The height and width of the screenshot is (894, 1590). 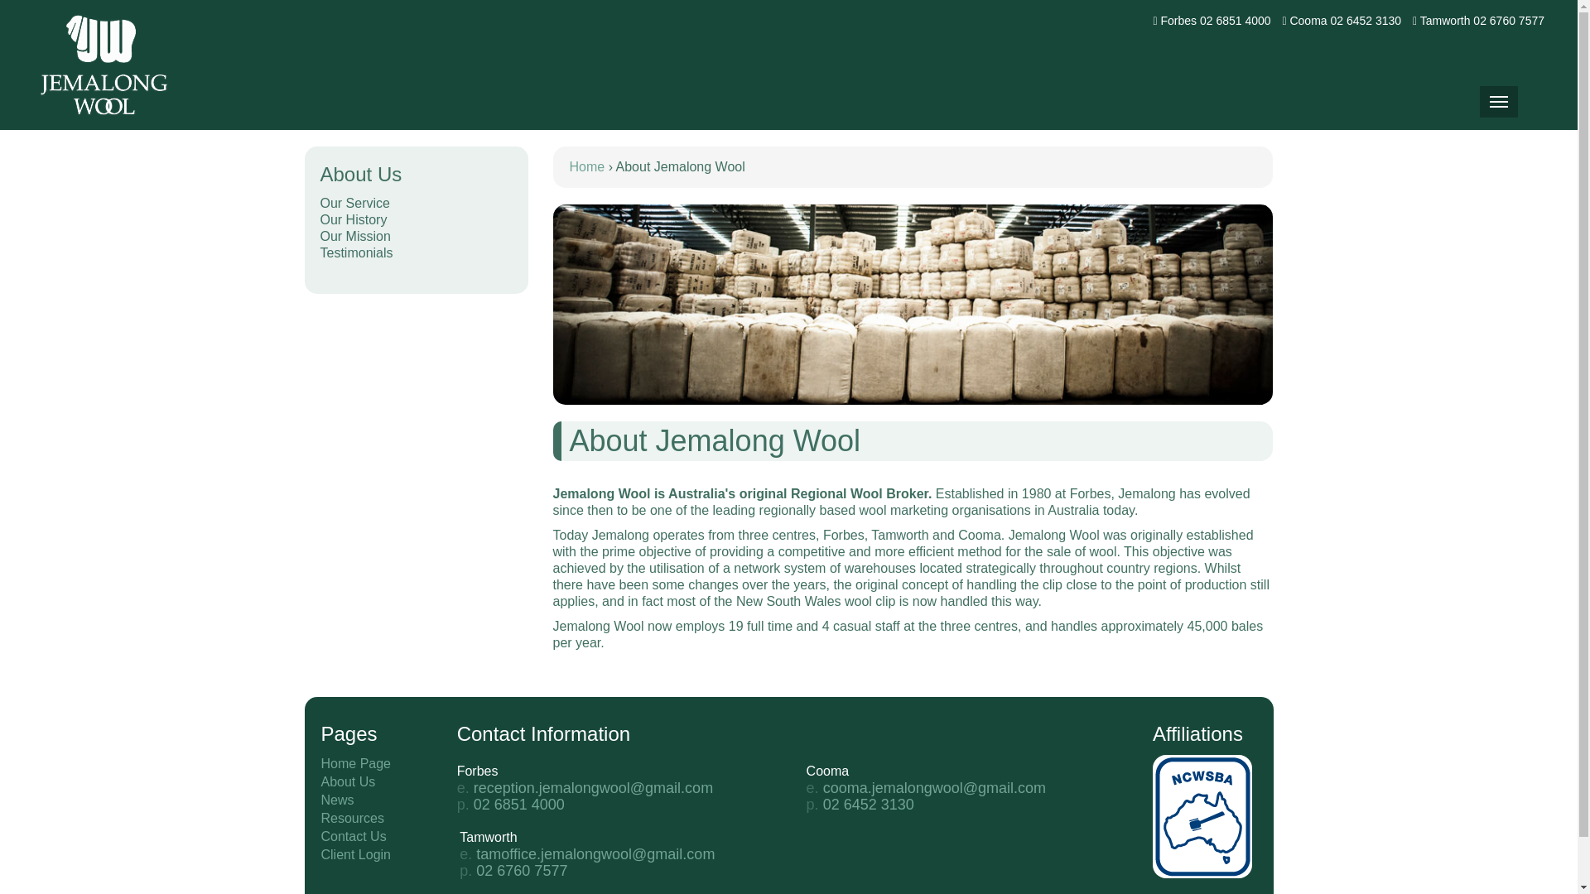 What do you see at coordinates (337, 799) in the screenshot?
I see `'News'` at bounding box center [337, 799].